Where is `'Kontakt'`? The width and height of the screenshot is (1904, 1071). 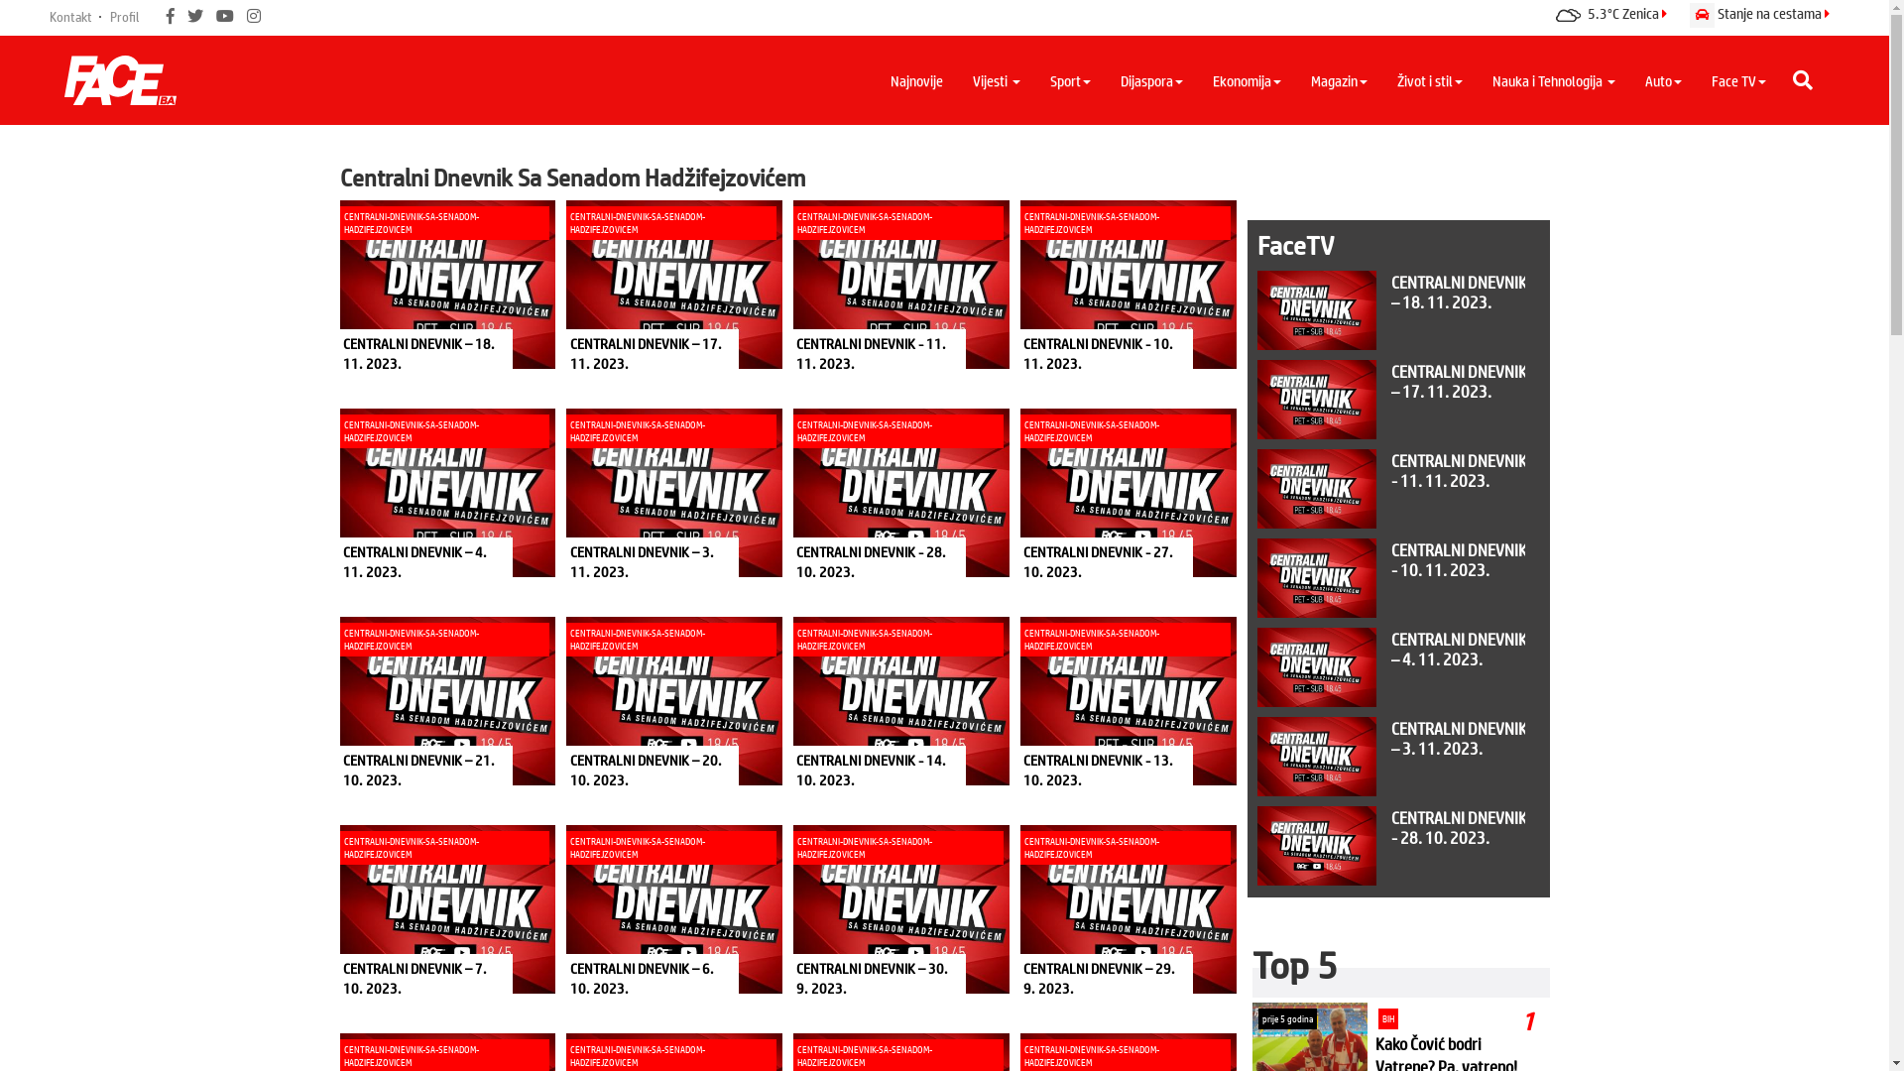 'Kontakt' is located at coordinates (70, 15).